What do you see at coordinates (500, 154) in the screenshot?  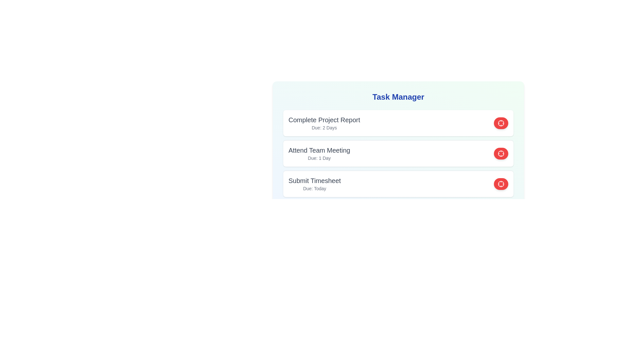 I see `the circular SVG graphic element representing a crosshair within the red button on the right side of the 'Submit Timesheet' task entry` at bounding box center [500, 154].